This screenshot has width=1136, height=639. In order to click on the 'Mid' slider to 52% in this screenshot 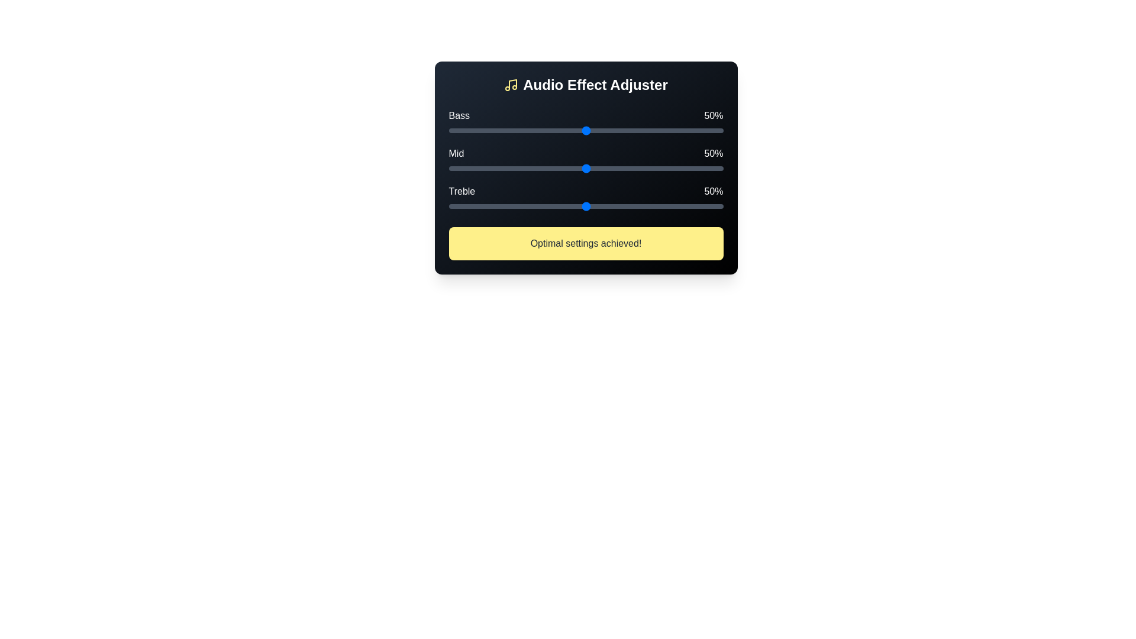, I will do `click(591, 169)`.